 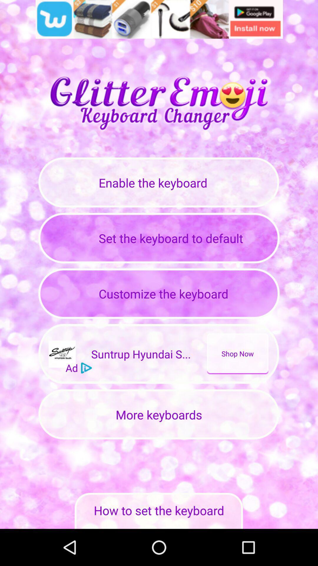 What do you see at coordinates (159, 19) in the screenshot?
I see `shopping page` at bounding box center [159, 19].